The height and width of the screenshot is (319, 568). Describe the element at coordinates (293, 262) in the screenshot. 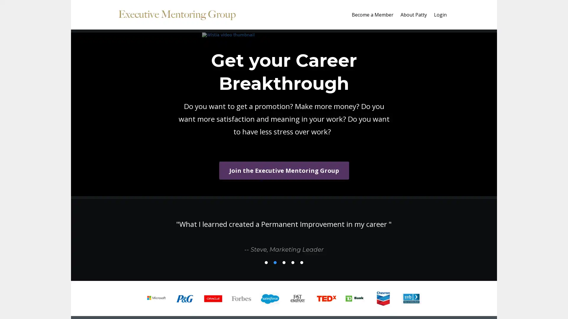

I see `4` at that location.